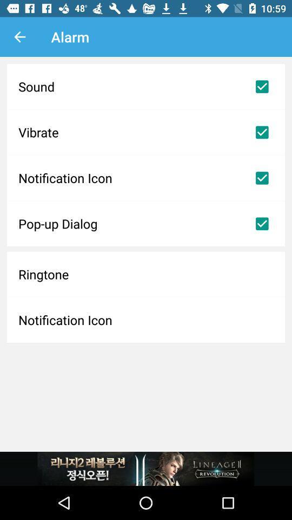  I want to click on the item below sound item, so click(146, 132).